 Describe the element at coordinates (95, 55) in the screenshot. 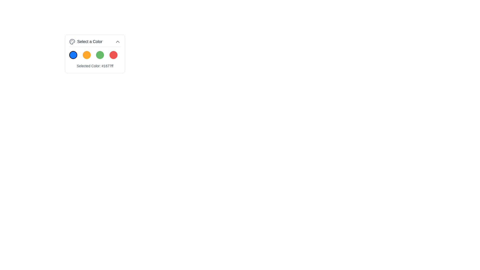

I see `any of the circular color buttons in the color selection grid located centrally below the title 'Select a Color'` at that location.